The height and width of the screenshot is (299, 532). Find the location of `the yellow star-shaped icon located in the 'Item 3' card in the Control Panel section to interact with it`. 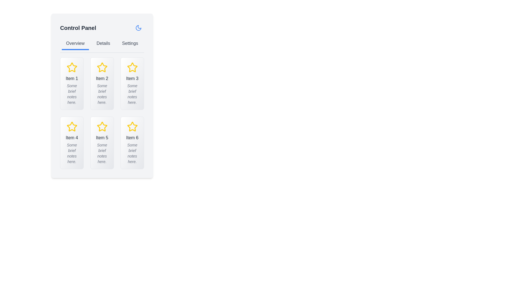

the yellow star-shaped icon located in the 'Item 3' card in the Control Panel section to interact with it is located at coordinates (132, 67).